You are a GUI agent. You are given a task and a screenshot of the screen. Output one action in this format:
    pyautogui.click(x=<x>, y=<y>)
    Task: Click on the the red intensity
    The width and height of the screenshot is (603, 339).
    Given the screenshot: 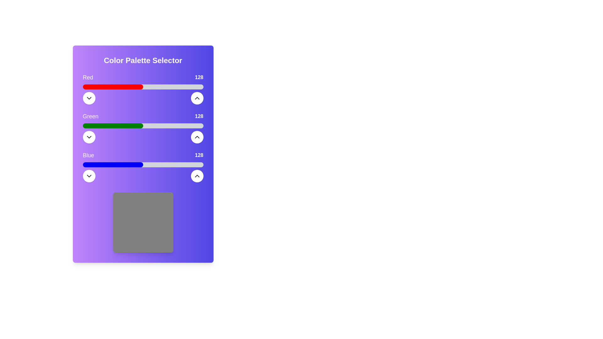 What is the action you would take?
    pyautogui.click(x=185, y=87)
    